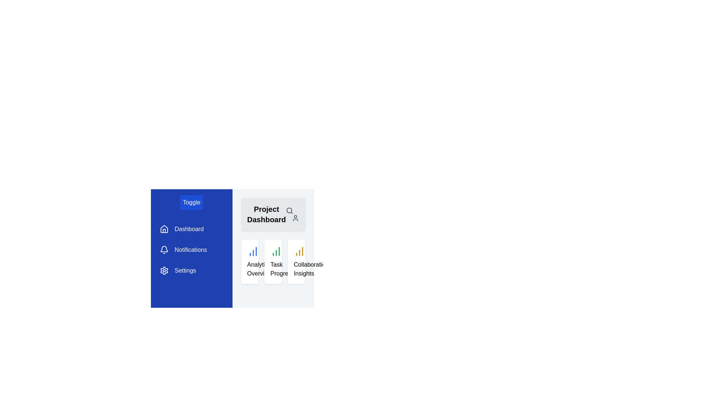 The width and height of the screenshot is (712, 400). What do you see at coordinates (189, 229) in the screenshot?
I see `the Text label in the vertical navigation menu that indicates the link to the dashboard section, which is positioned to the right of the house icon and below the 'Toggle' button` at bounding box center [189, 229].